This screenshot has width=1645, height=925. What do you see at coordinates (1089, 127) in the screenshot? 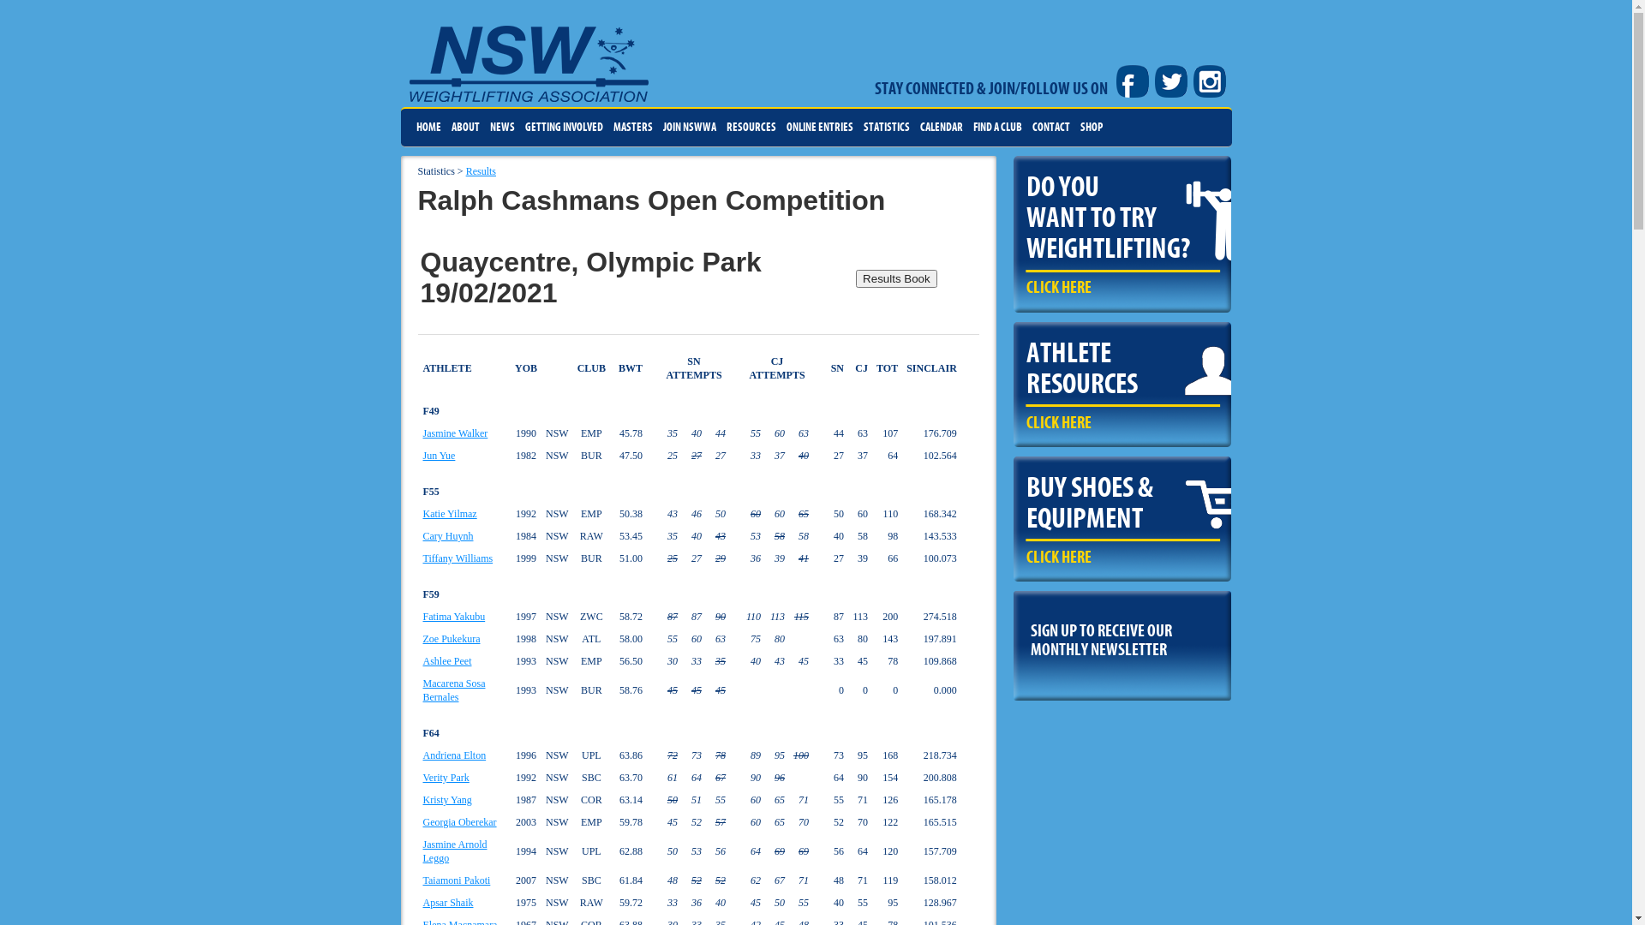
I see `'SHOP'` at bounding box center [1089, 127].